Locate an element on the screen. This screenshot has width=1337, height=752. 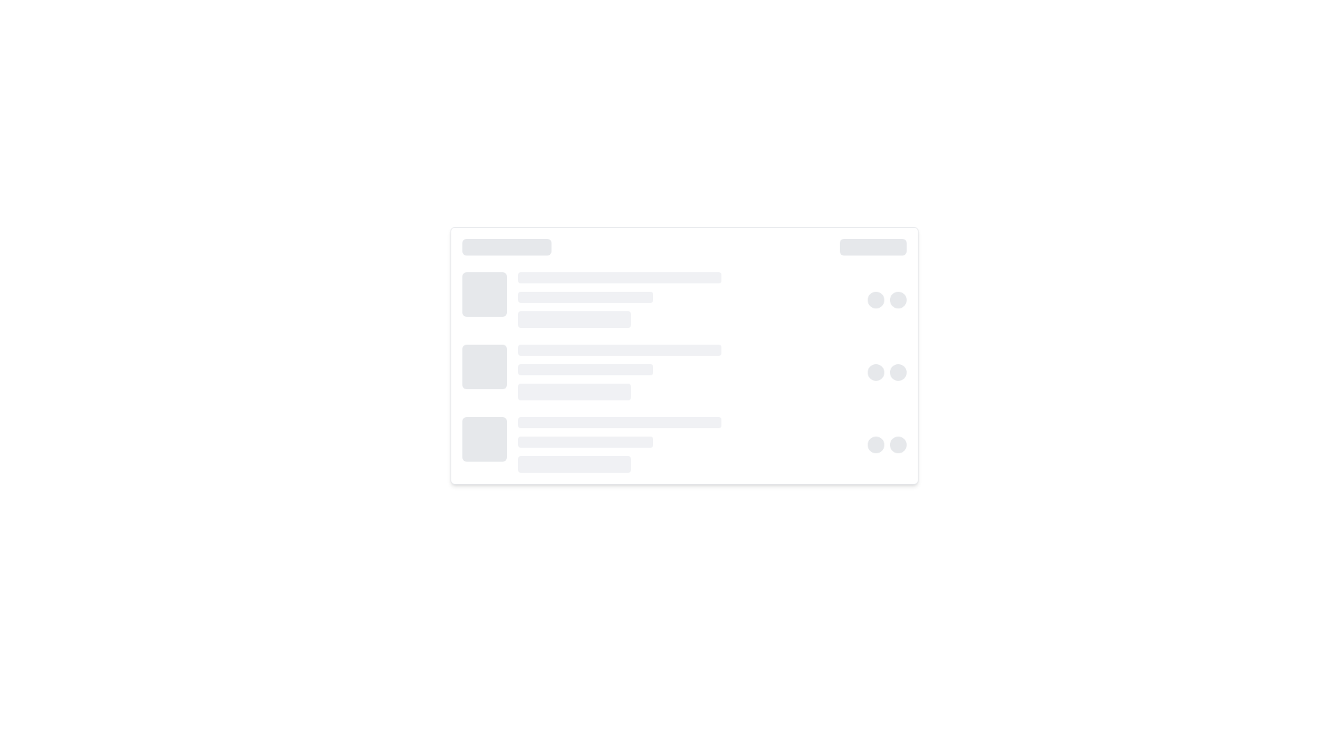
the group of circular placeholders with a light gray background, positioned horizontally next to each other near the bottom edge of the primary section is located at coordinates (886, 372).